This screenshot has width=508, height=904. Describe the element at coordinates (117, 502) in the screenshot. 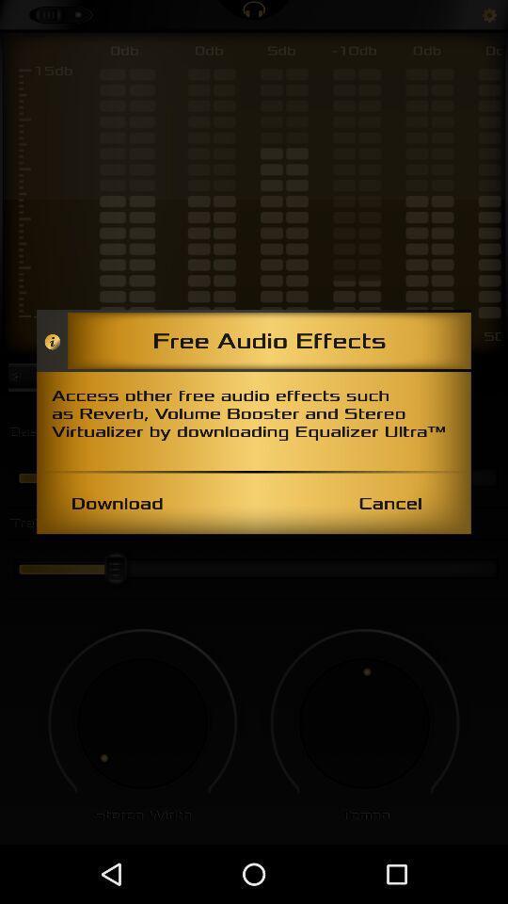

I see `the download icon` at that location.